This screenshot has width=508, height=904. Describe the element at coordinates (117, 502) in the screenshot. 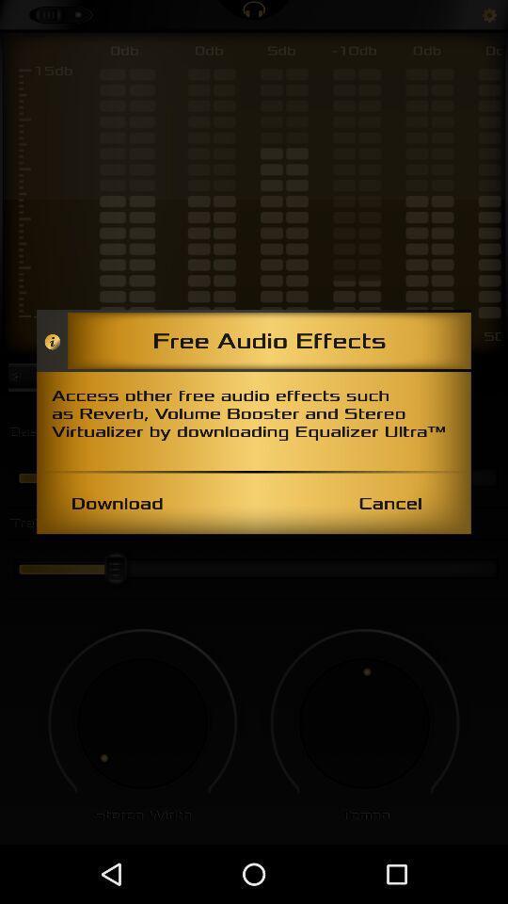

I see `the download icon` at that location.